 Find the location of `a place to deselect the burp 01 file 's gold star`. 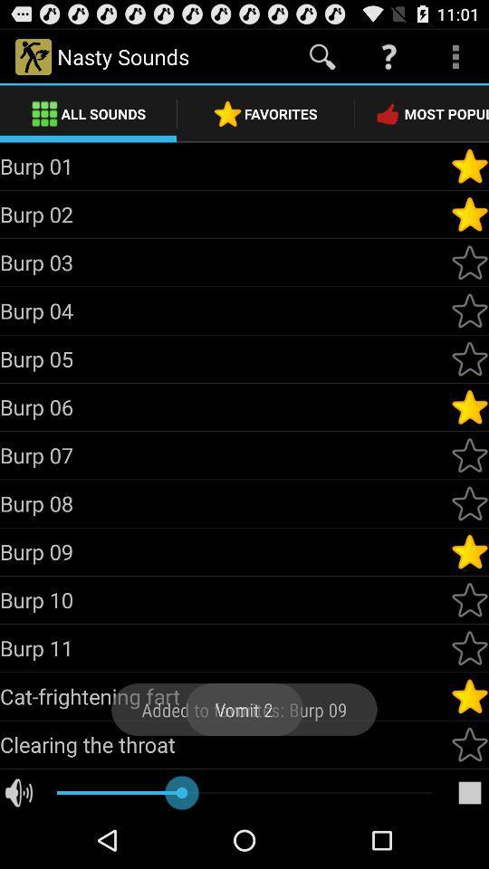

a place to deselect the burp 01 file 's gold star is located at coordinates (469, 166).